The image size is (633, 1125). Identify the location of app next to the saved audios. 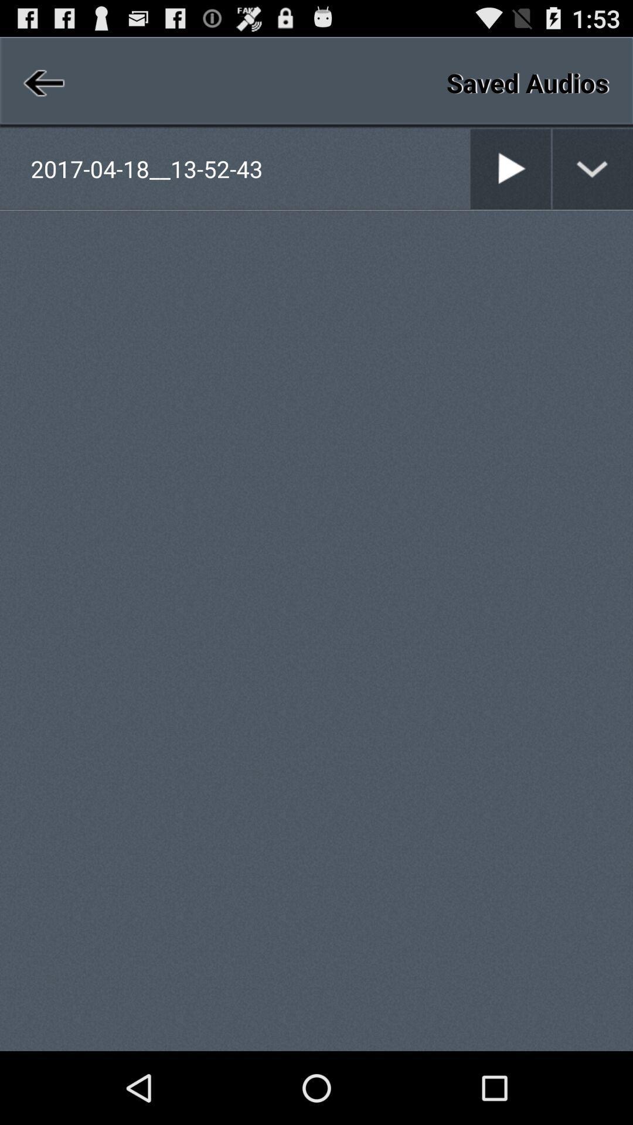
(42, 82).